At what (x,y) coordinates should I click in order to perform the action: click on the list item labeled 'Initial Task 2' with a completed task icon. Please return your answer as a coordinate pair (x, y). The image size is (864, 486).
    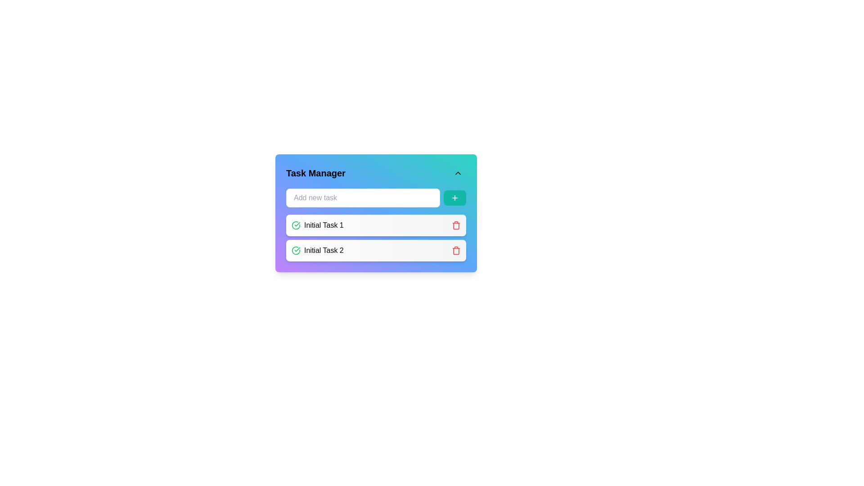
    Looking at the image, I should click on (317, 250).